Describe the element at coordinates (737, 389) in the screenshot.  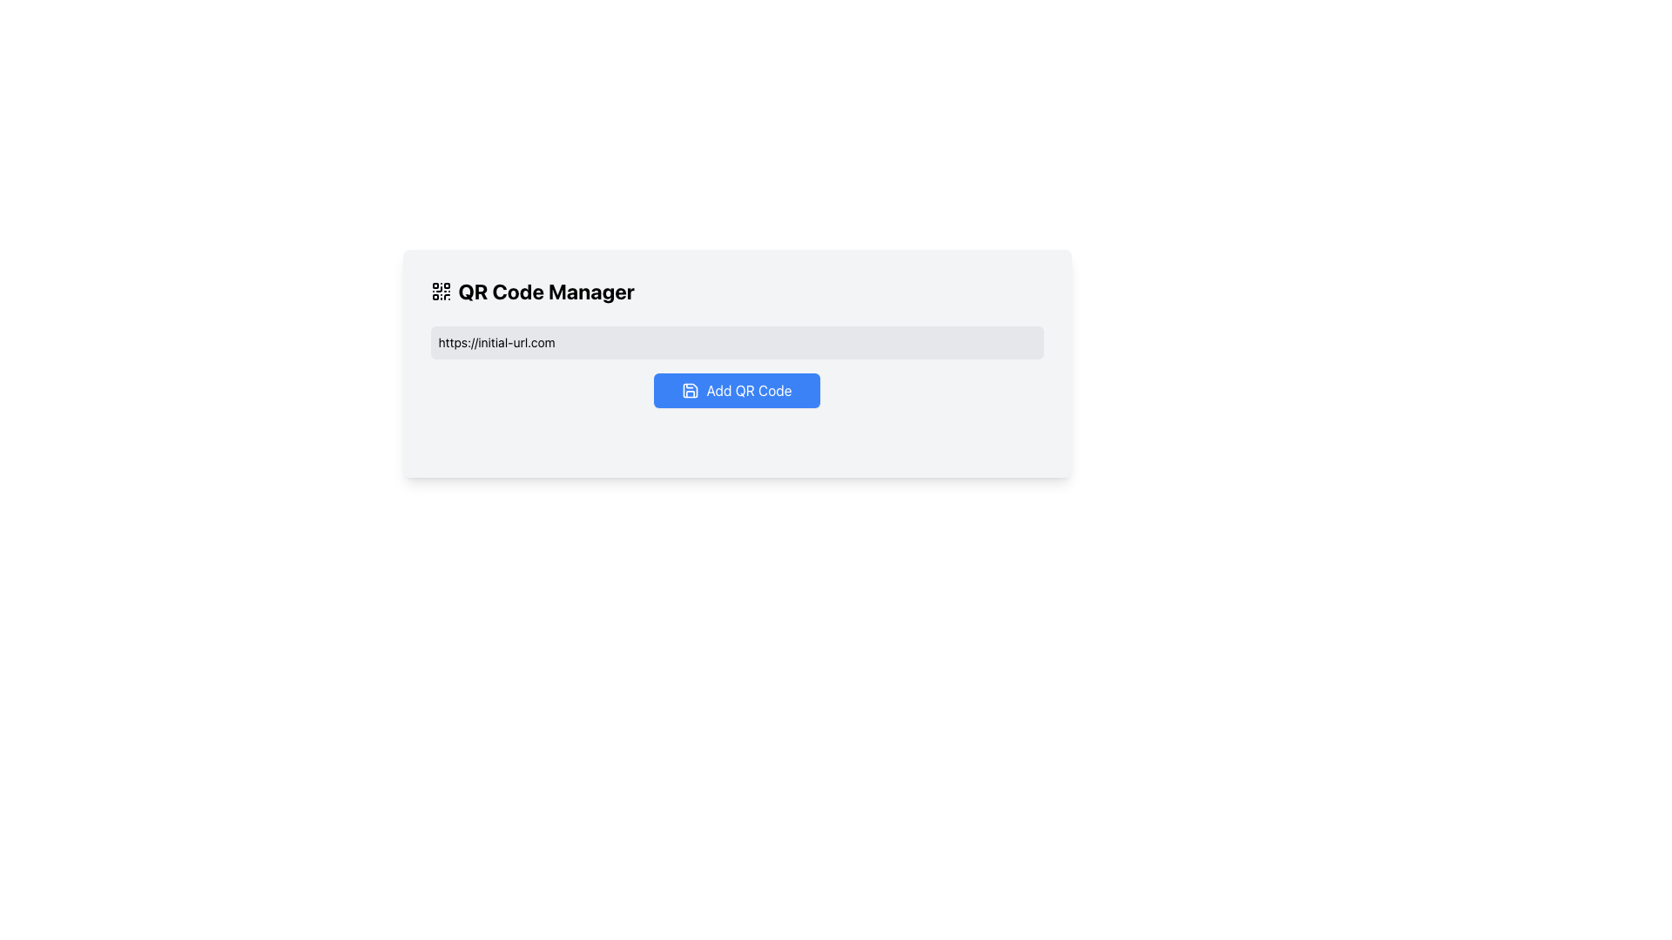
I see `the button that allows users to add a QR code, changing its visual style` at that location.